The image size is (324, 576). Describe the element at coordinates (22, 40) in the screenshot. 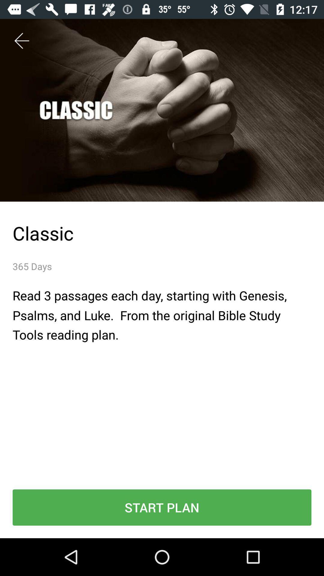

I see `icon above classic` at that location.